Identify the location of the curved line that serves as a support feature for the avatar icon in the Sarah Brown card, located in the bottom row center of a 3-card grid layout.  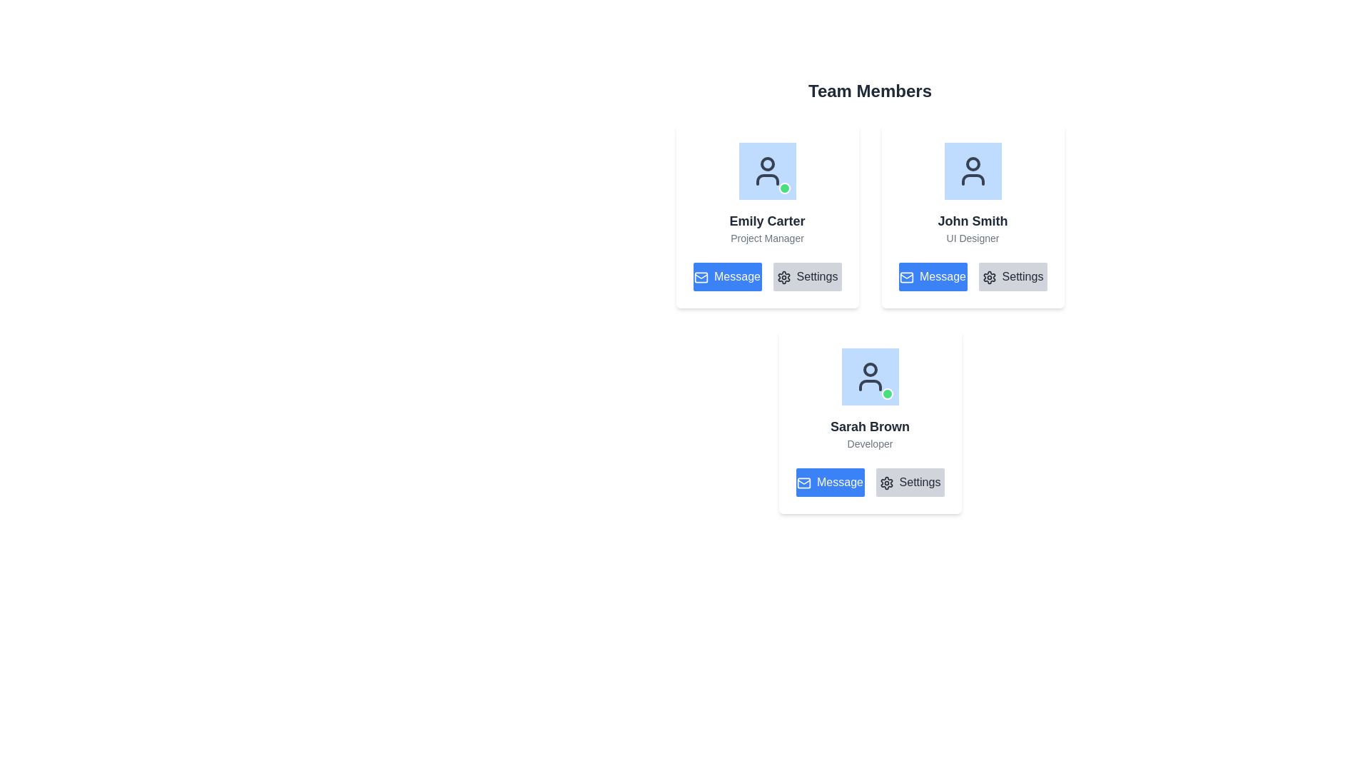
(869, 385).